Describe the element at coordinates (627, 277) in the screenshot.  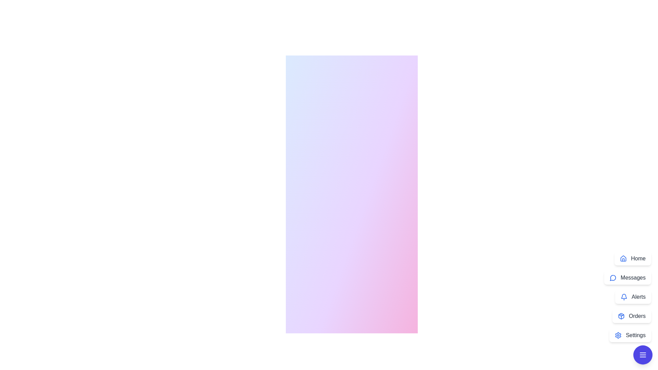
I see `the menu option Messages` at that location.